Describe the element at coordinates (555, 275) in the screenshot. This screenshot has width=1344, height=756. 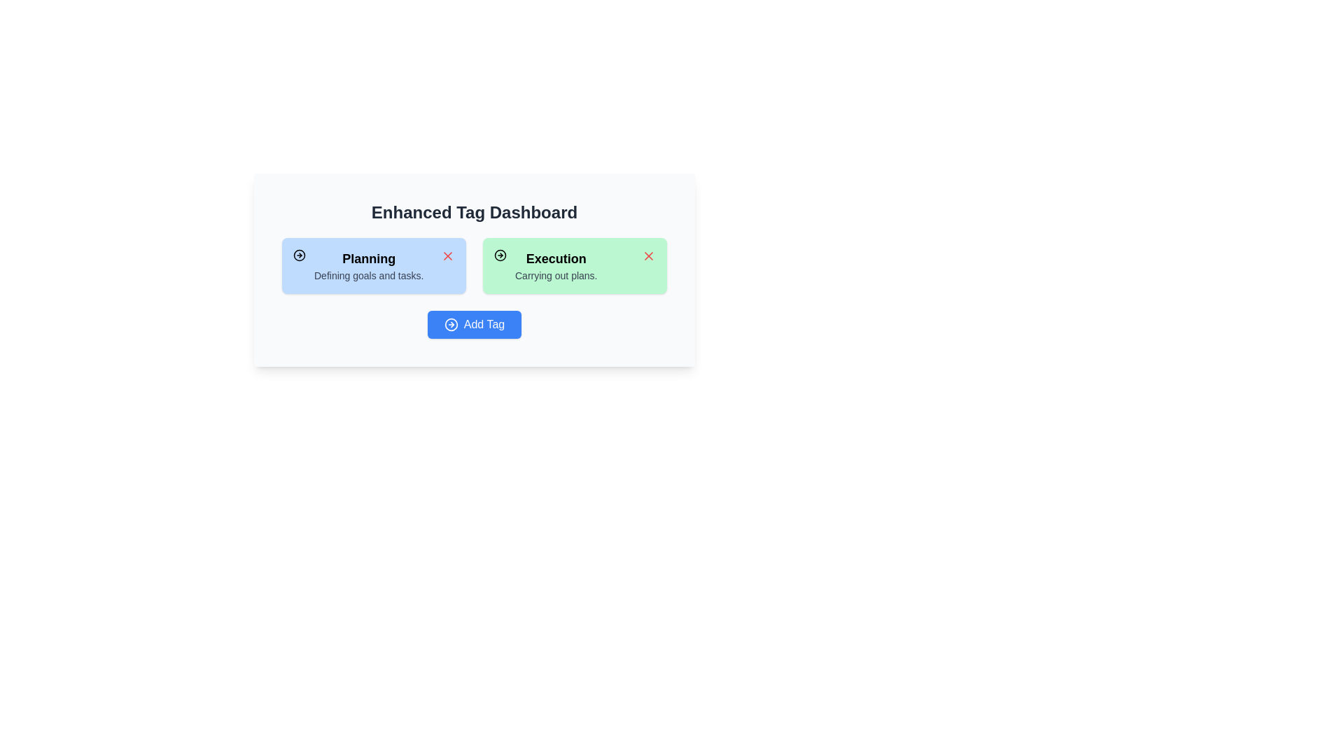
I see `the second text line in the right-hand green panel labeled 'Execution', which provides descriptive information about the panel's purpose` at that location.